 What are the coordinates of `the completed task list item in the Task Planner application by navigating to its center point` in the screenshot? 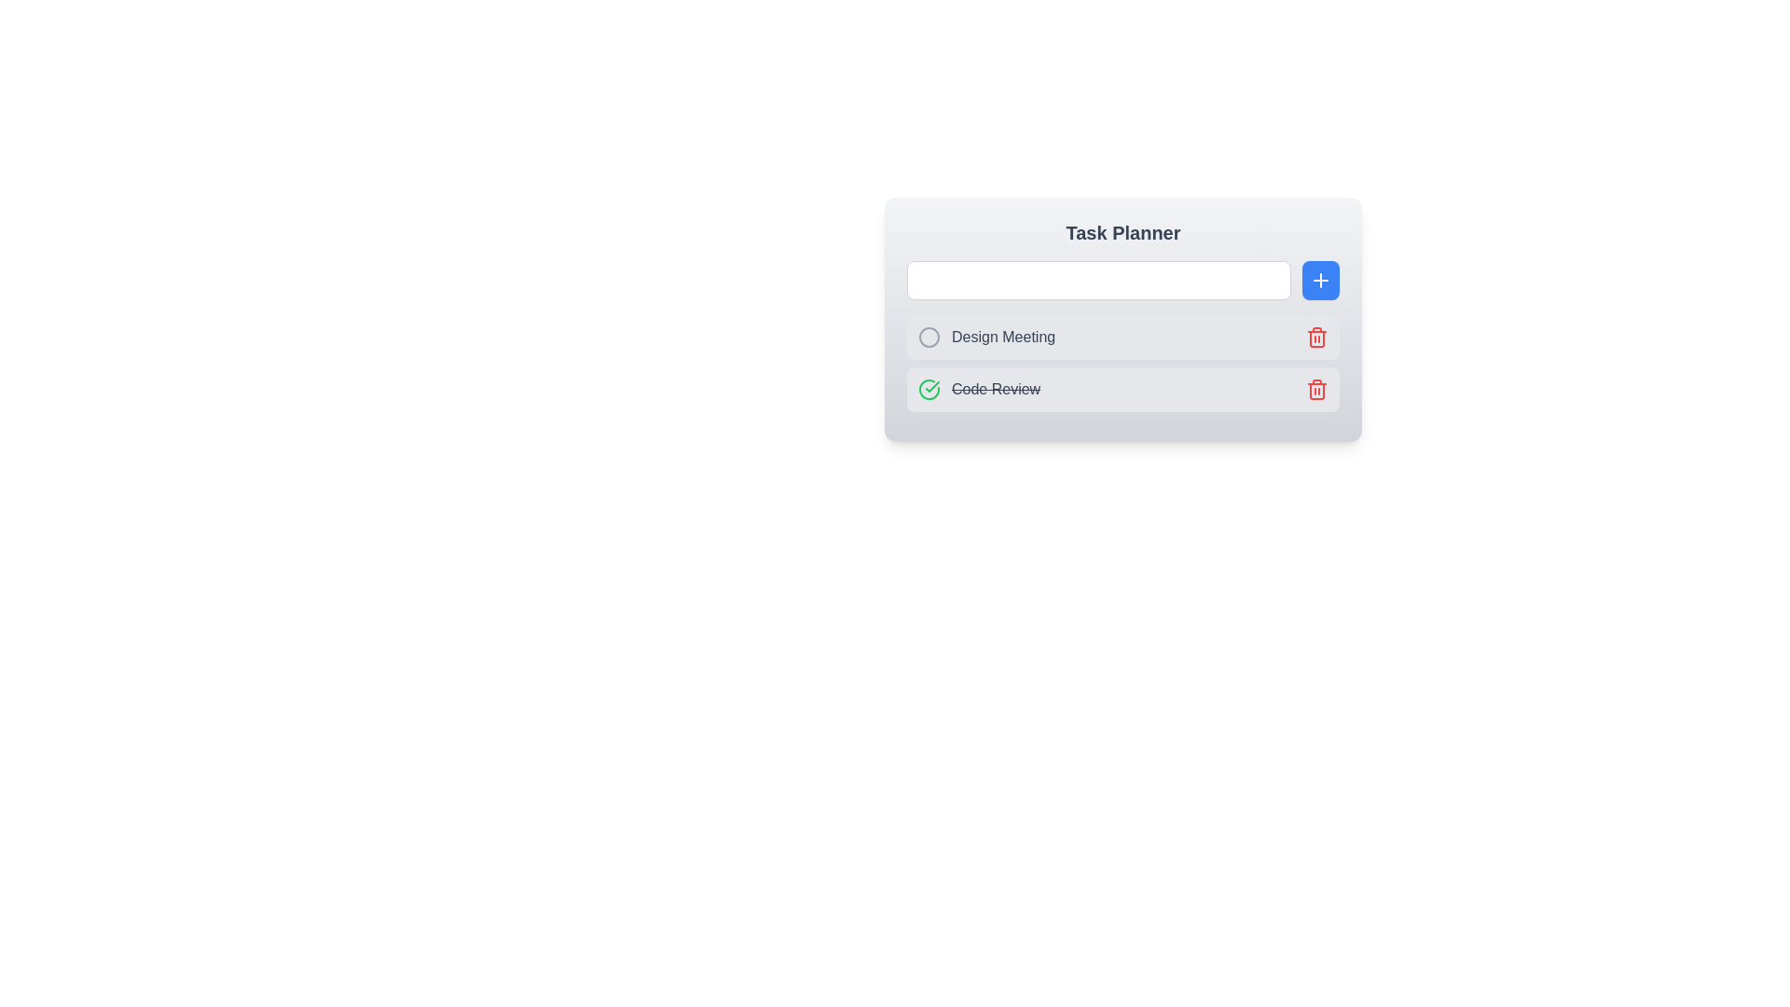 It's located at (1122, 388).